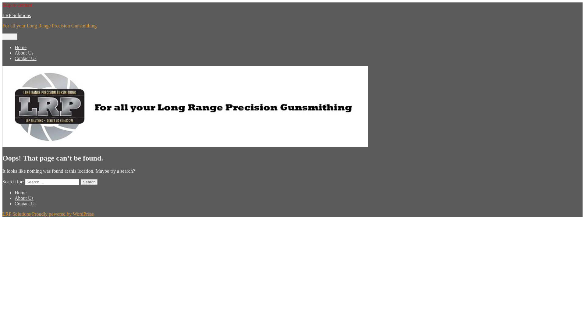  I want to click on 'LRP Solutions', so click(16, 214).